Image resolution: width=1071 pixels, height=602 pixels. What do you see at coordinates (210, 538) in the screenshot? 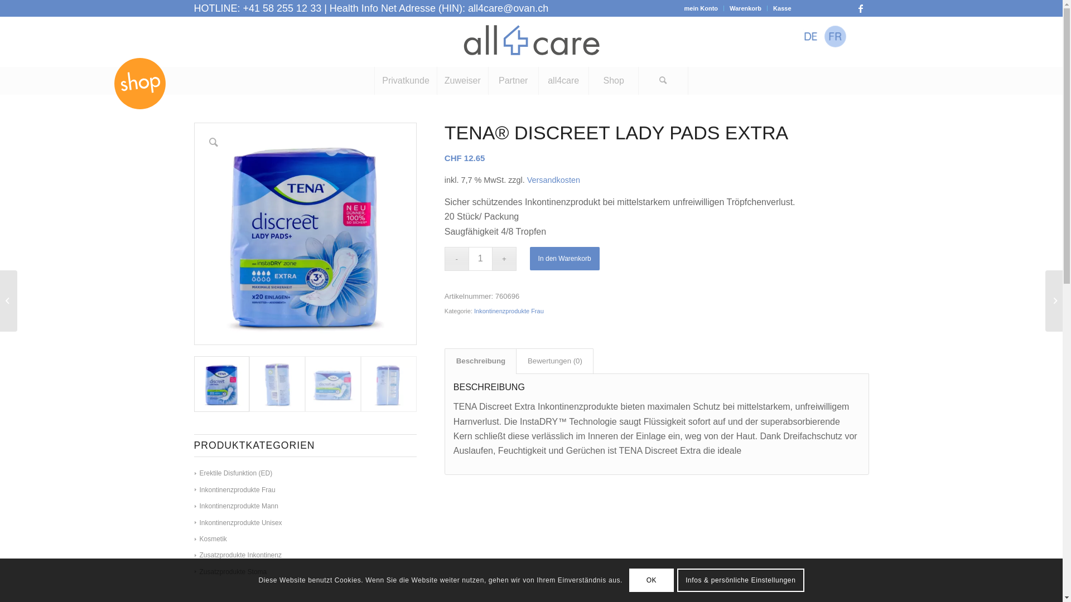
I see `'Kosmetik'` at bounding box center [210, 538].